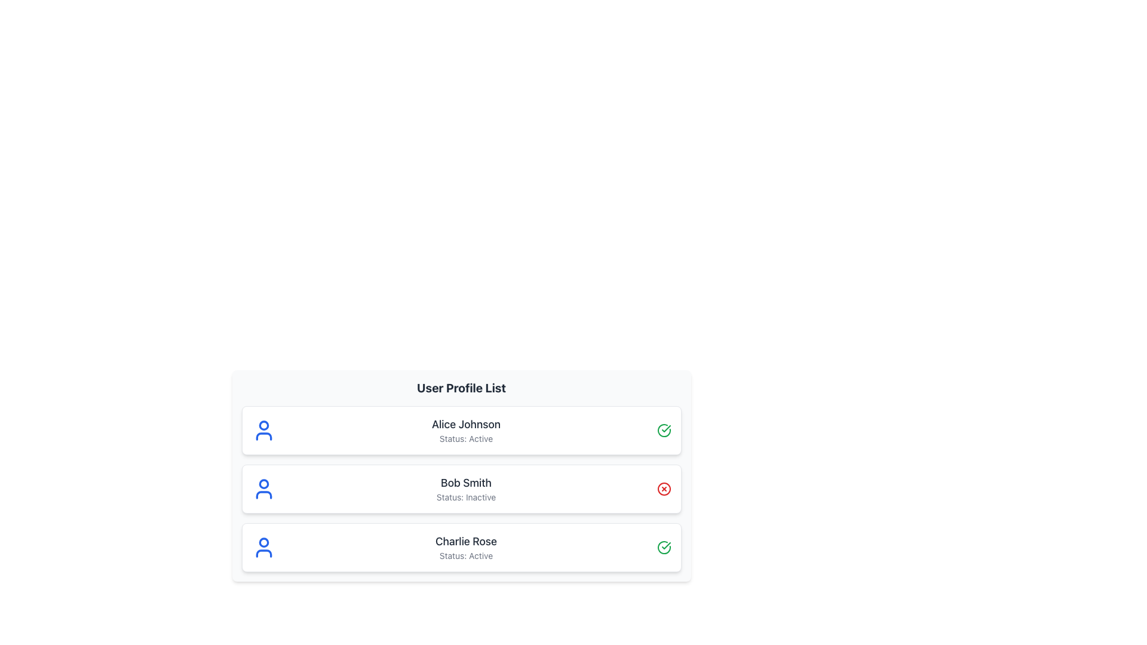  What do you see at coordinates (663, 548) in the screenshot?
I see `the green circular icon with a check mark inside, which is part of Charlie Rose's profile card, located at the right end of the card next to the status information` at bounding box center [663, 548].